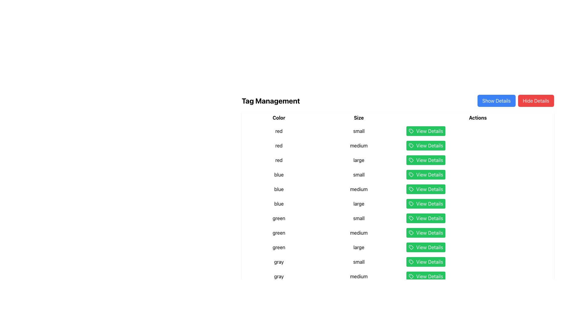 The image size is (581, 327). I want to click on the text node displaying 'green' in the 'Color' column of the table, which is located in the sixth row and is adjacent to the text 'small', so click(278, 218).